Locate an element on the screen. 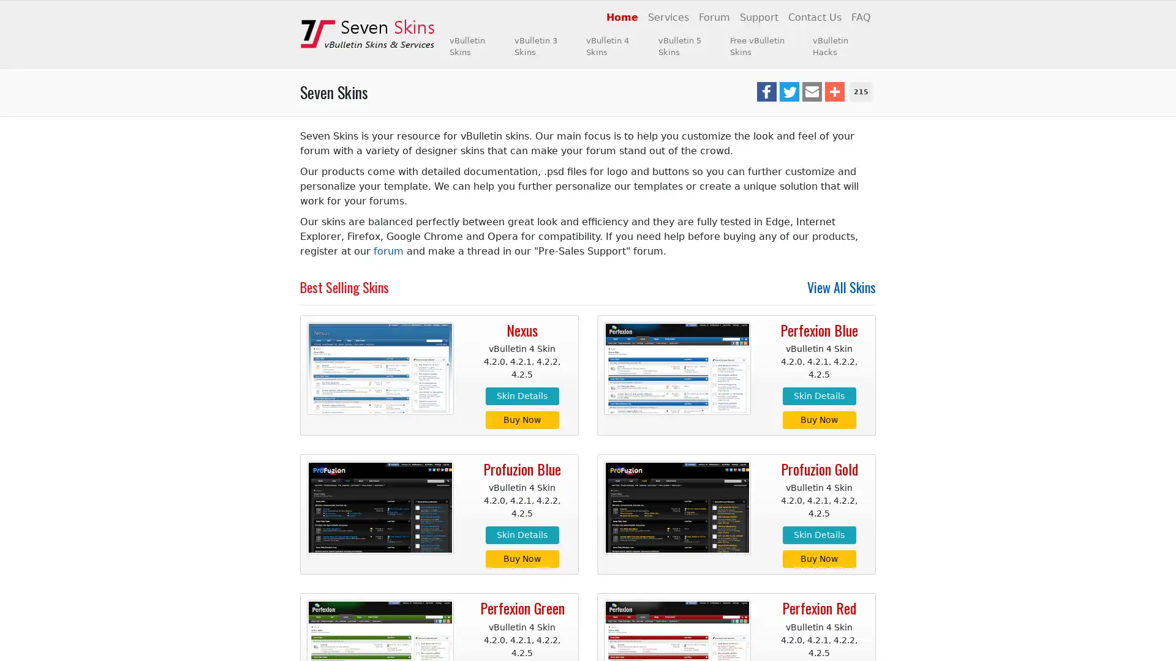 The image size is (1176, 661). Buy Now is located at coordinates (819, 419).